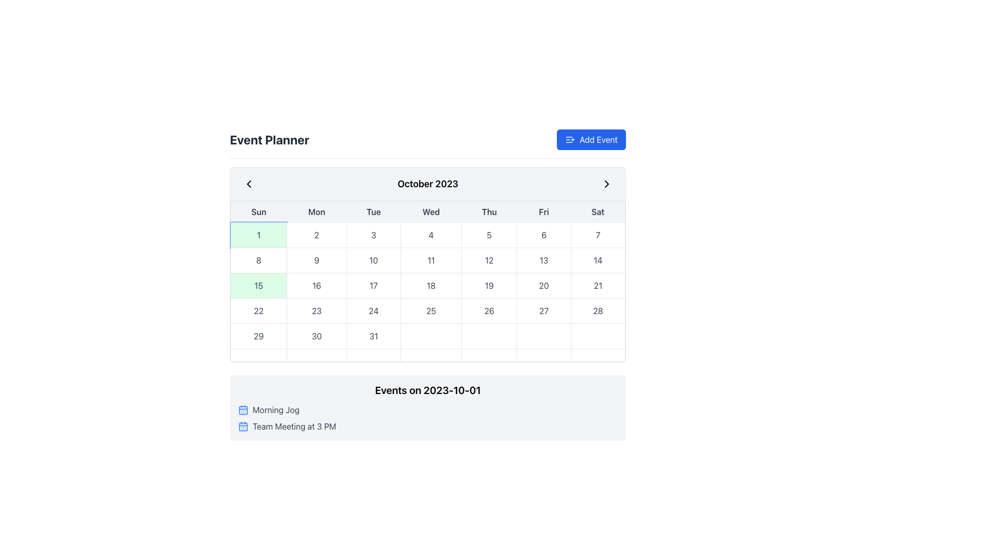  Describe the element at coordinates (258, 286) in the screenshot. I see `the Day Cell displaying the number '15'` at that location.